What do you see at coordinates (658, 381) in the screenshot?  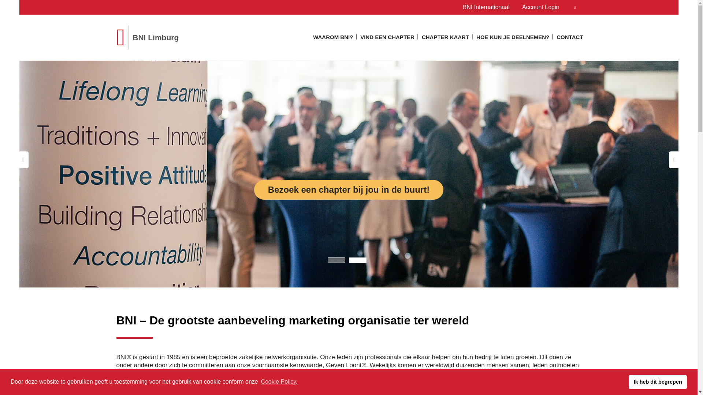 I see `'Ik heb dit begrepen'` at bounding box center [658, 381].